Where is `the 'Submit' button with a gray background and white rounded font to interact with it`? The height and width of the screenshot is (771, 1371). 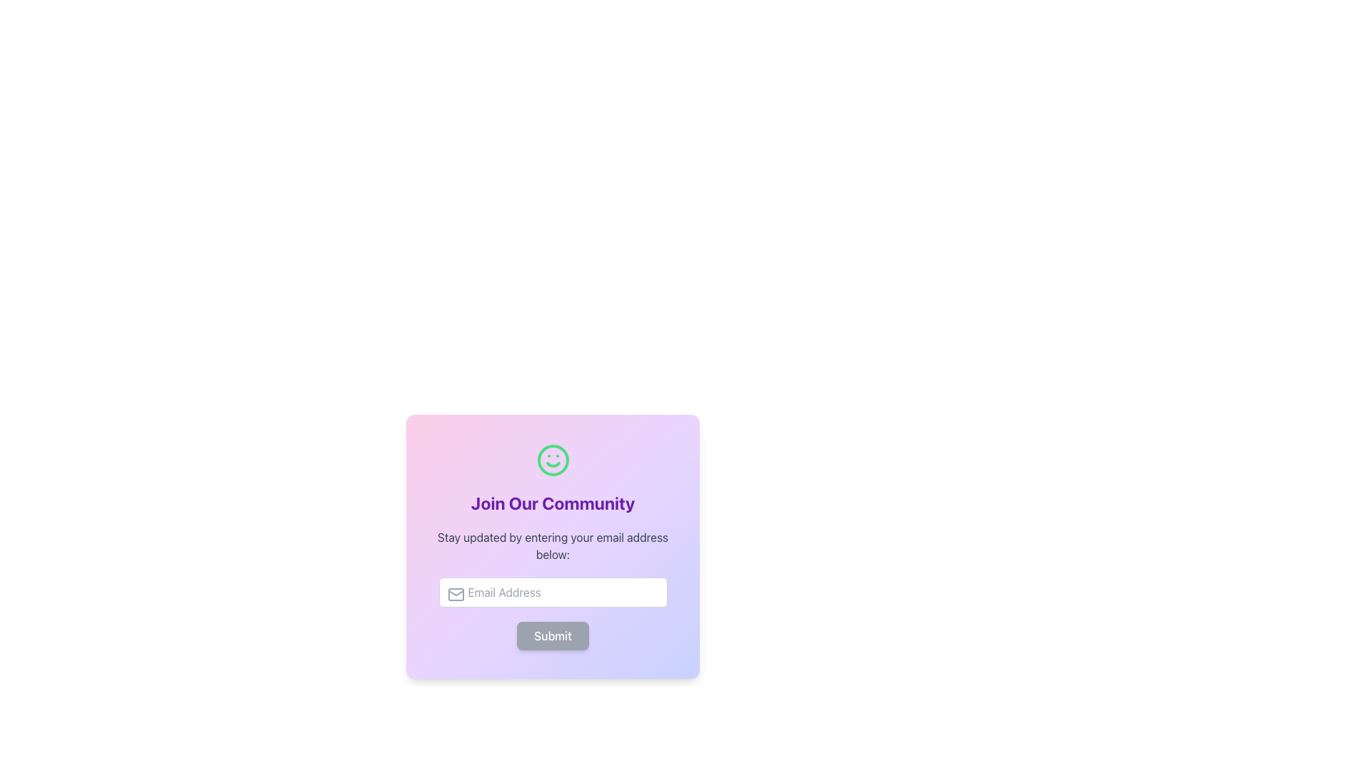
the 'Submit' button with a gray background and white rounded font to interact with it is located at coordinates (552, 635).